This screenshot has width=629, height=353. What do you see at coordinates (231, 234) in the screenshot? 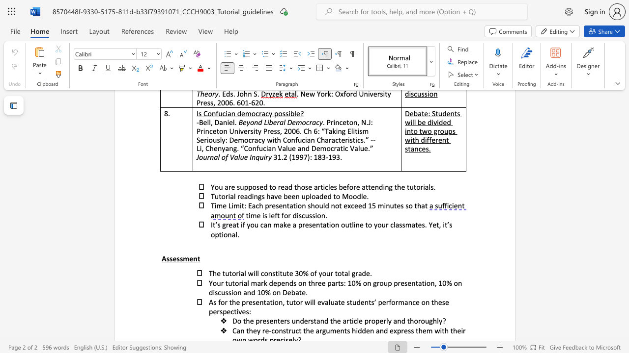
I see `the subset text "al" within the text "optional."` at bounding box center [231, 234].